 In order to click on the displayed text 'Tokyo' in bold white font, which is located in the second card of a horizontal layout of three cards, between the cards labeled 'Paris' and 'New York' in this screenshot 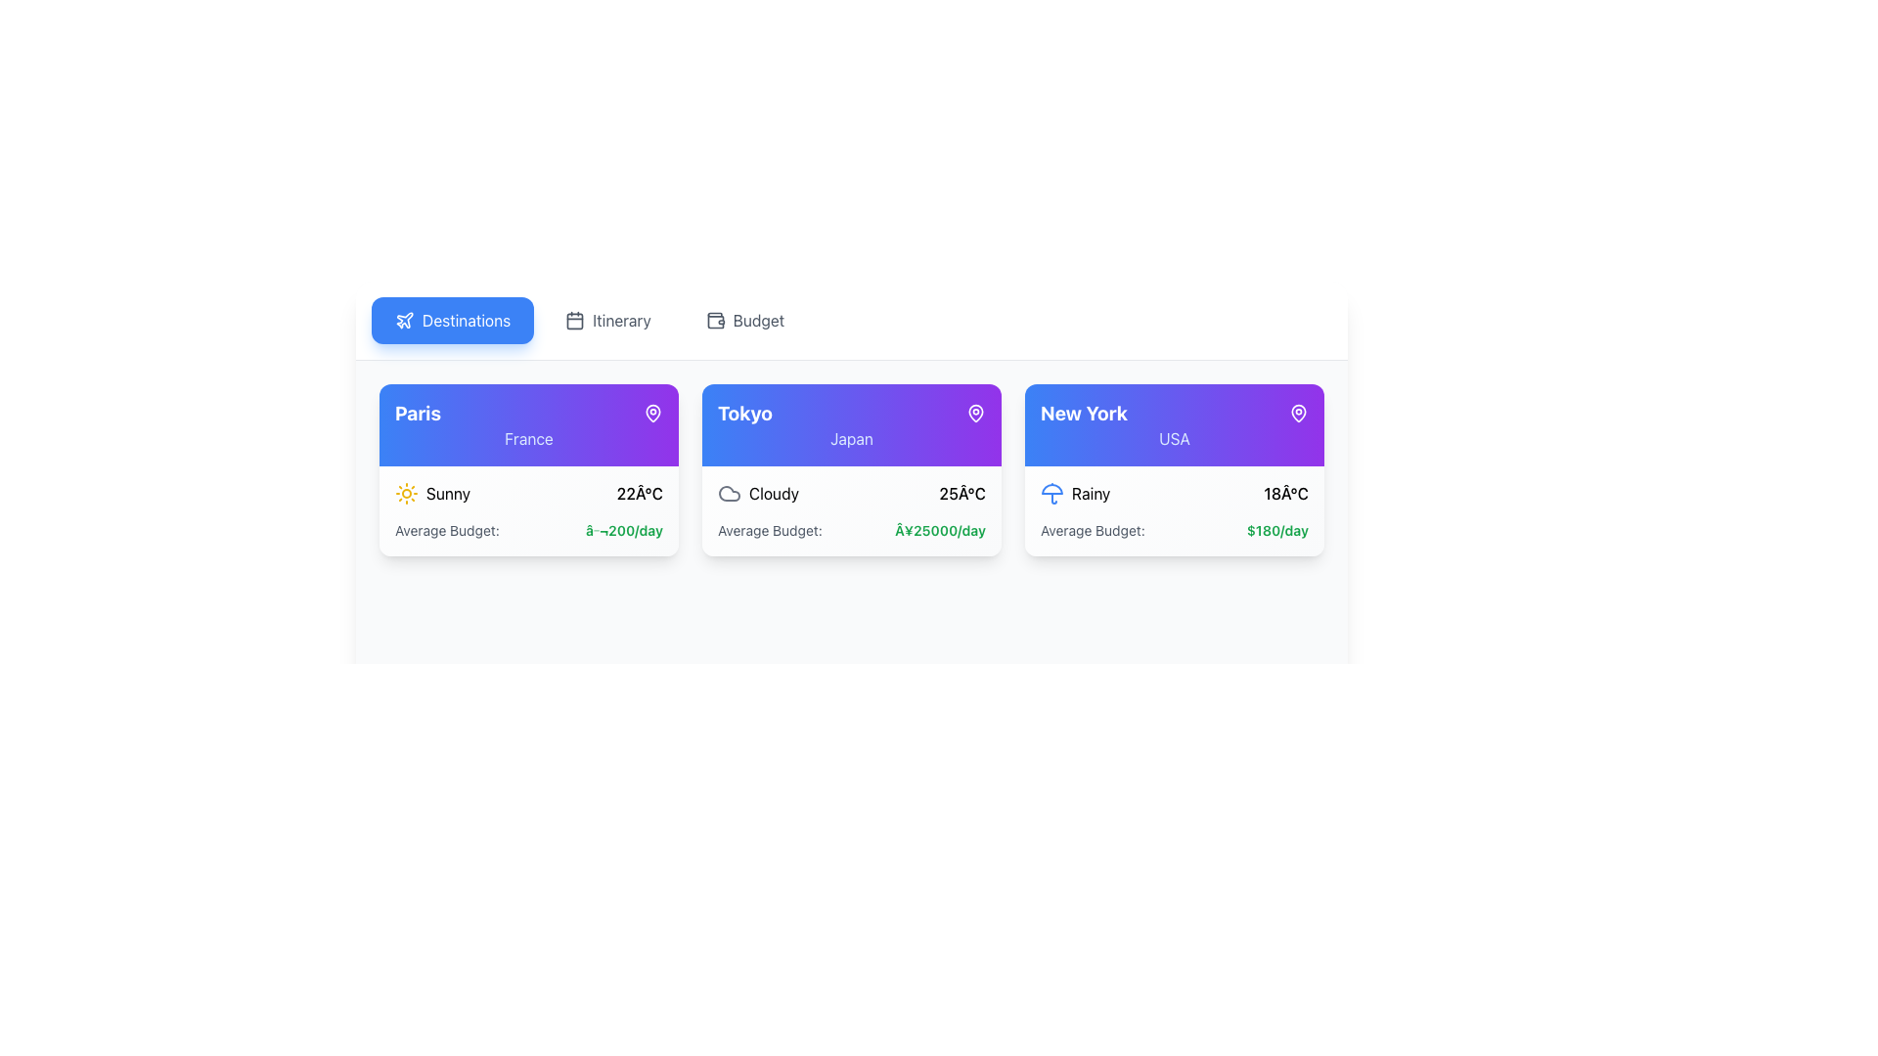, I will do `click(851, 413)`.